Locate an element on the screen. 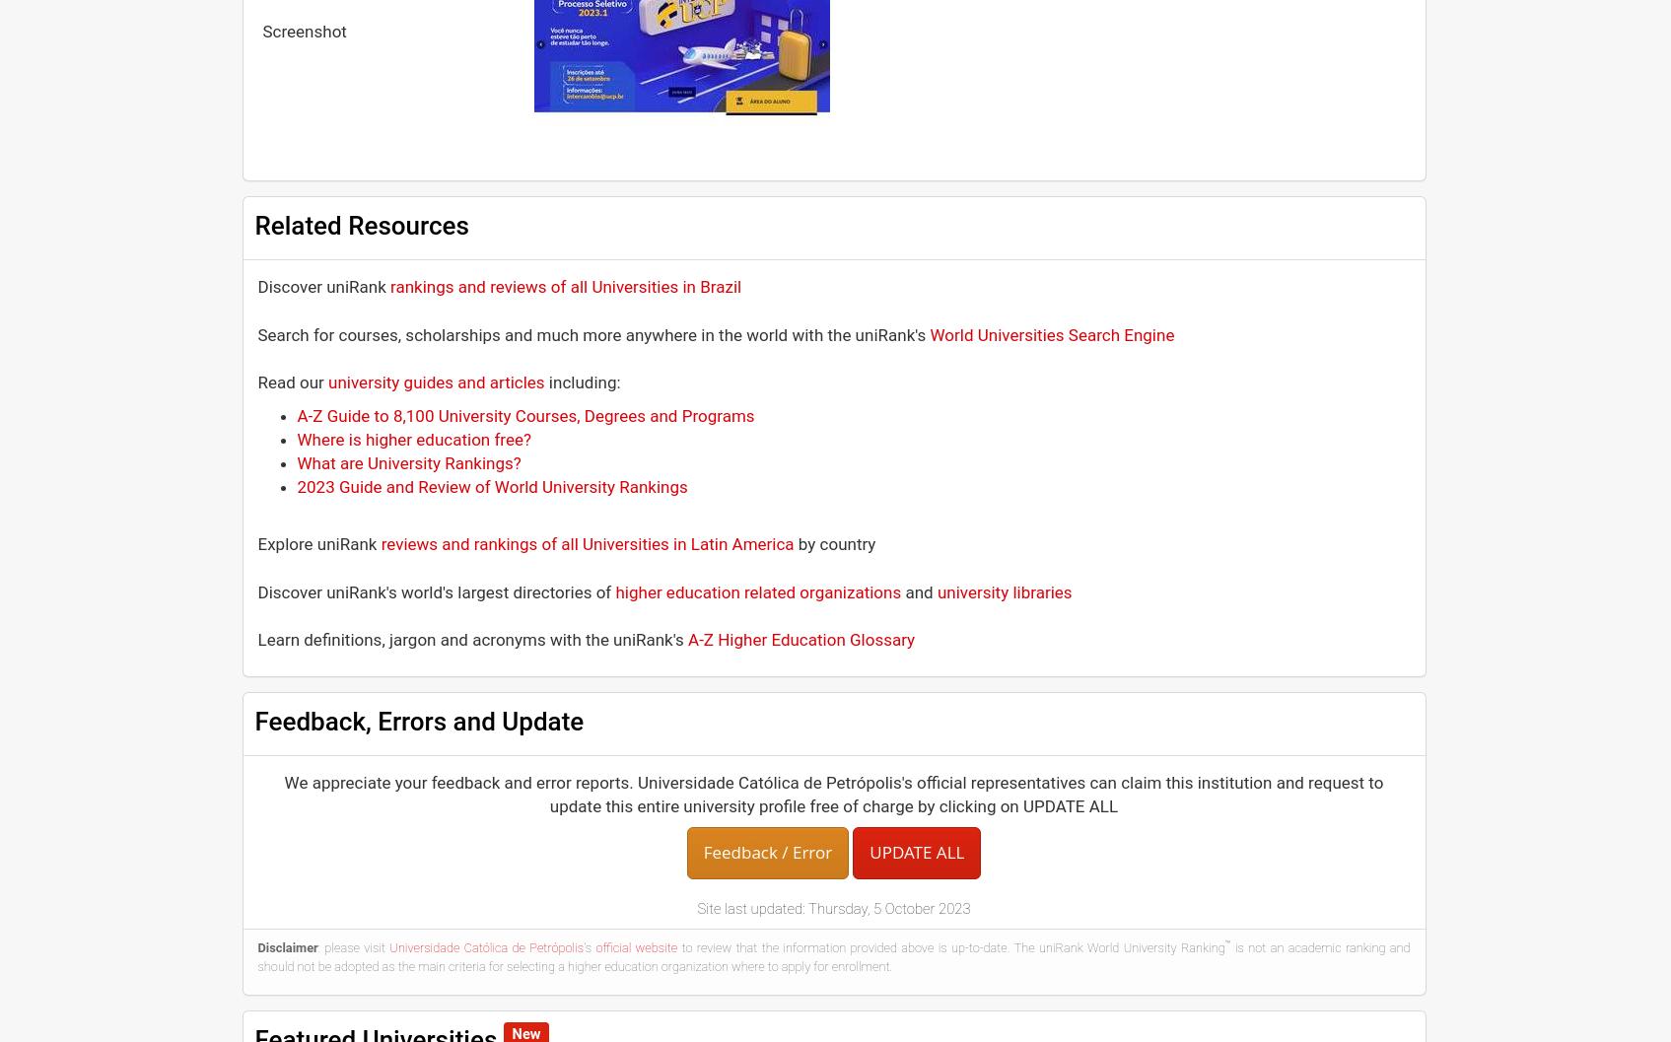 The width and height of the screenshot is (1671, 1042). 'A-Z Higher Education Glossary' is located at coordinates (801, 639).